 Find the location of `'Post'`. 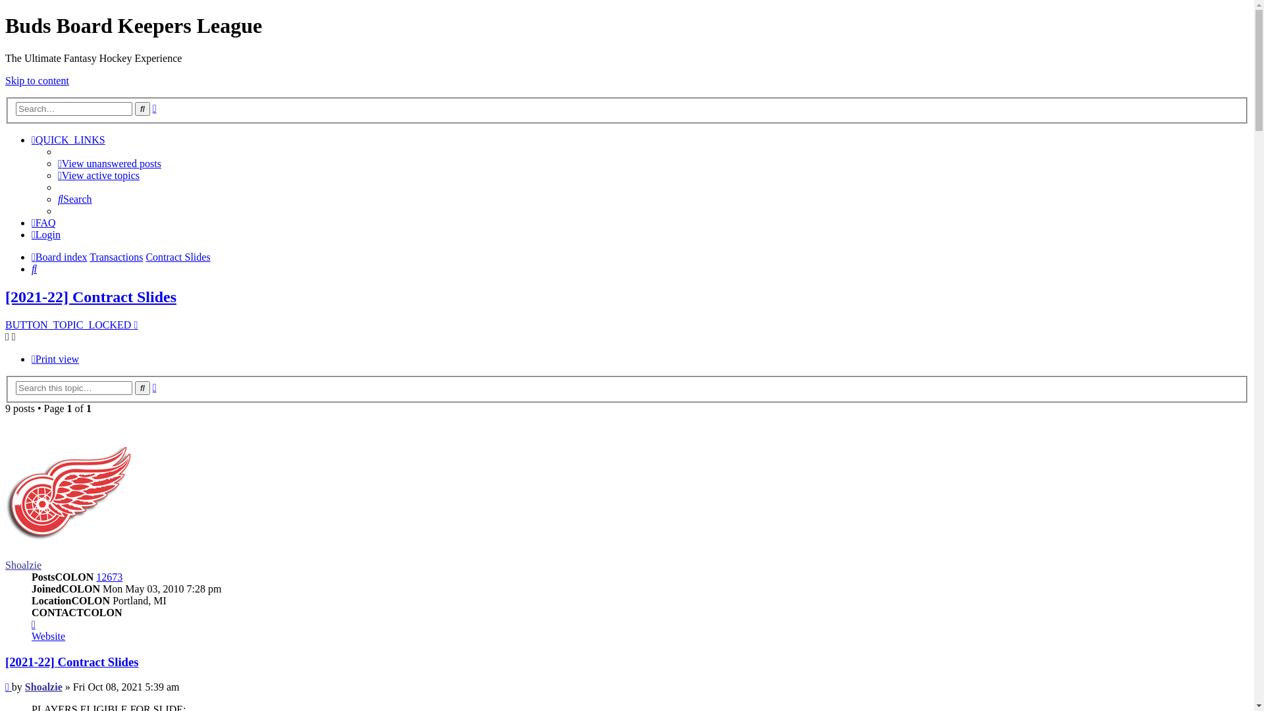

'Post' is located at coordinates (5, 686).